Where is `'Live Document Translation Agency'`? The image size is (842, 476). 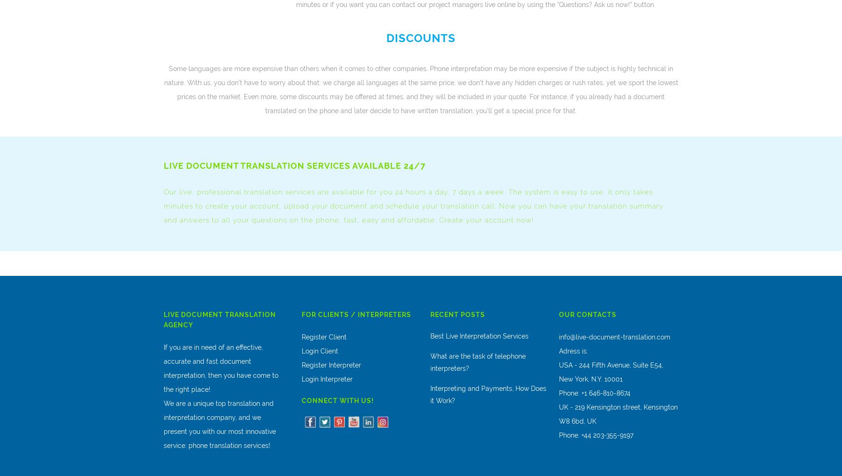 'Live Document Translation Agency' is located at coordinates (219, 319).